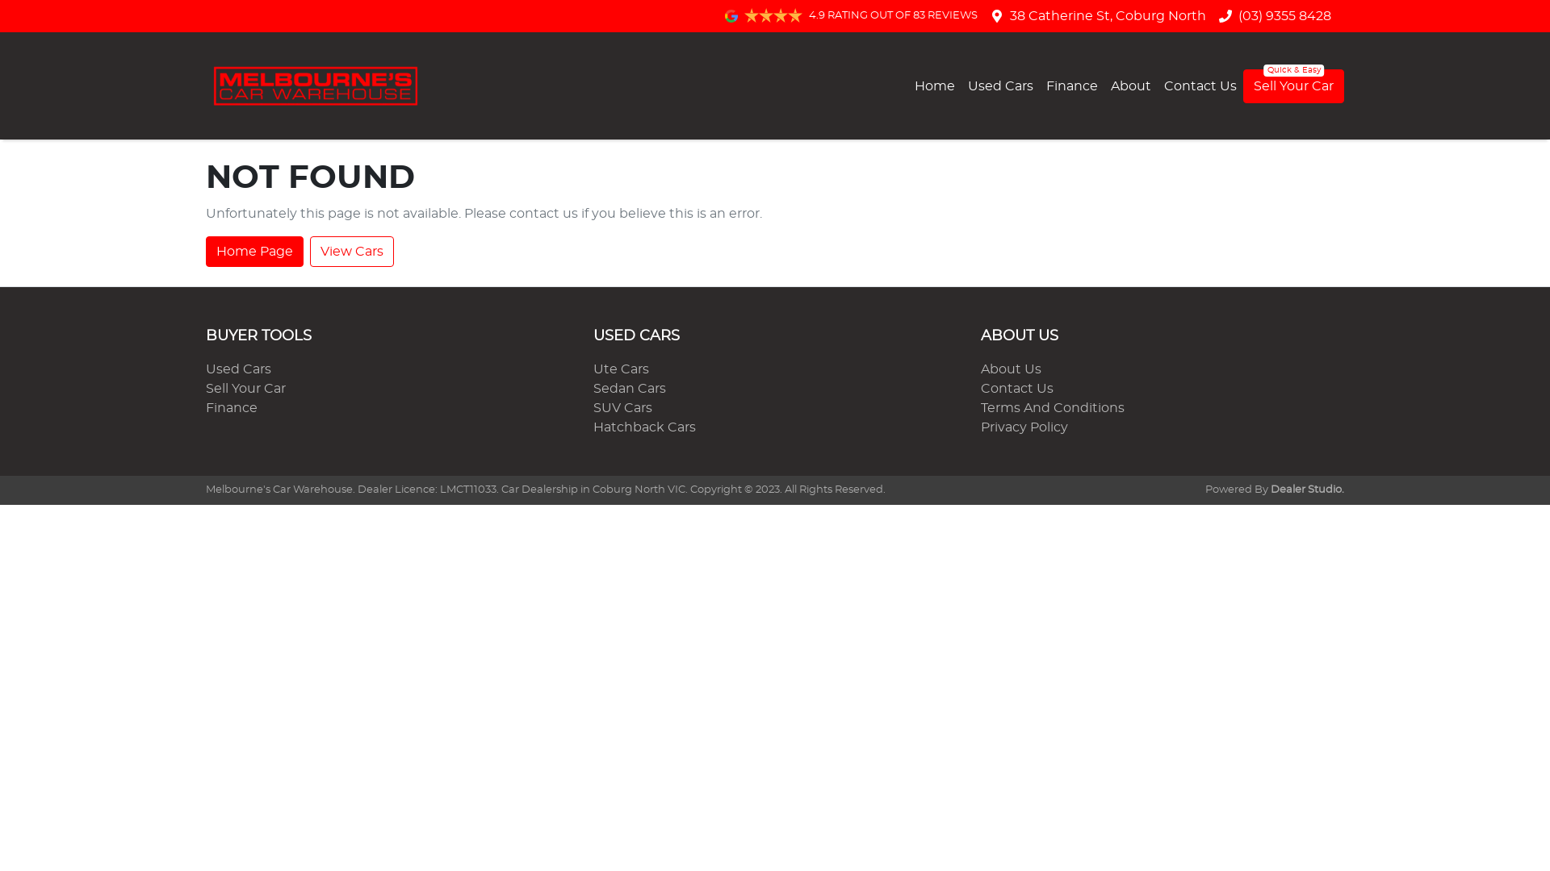 This screenshot has height=871, width=1550. I want to click on 'View Cars', so click(351, 252).